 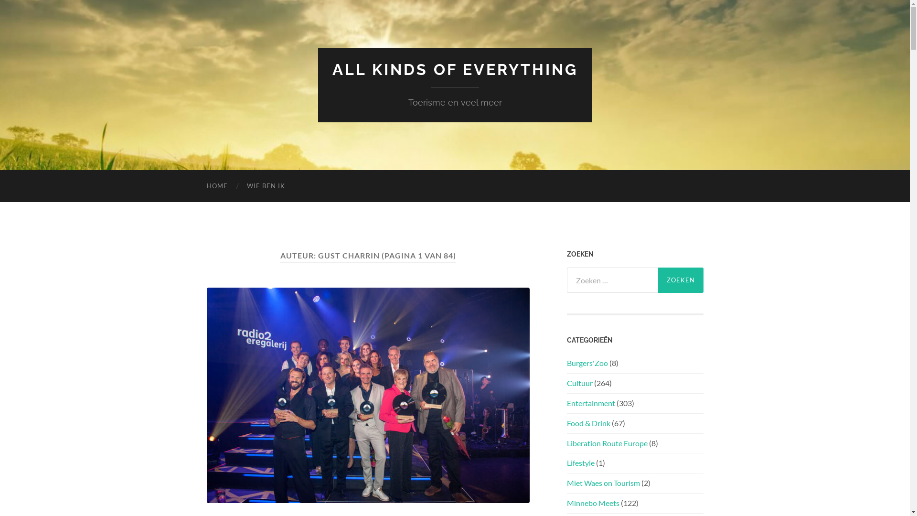 What do you see at coordinates (566, 443) in the screenshot?
I see `'Liberation Route Europe'` at bounding box center [566, 443].